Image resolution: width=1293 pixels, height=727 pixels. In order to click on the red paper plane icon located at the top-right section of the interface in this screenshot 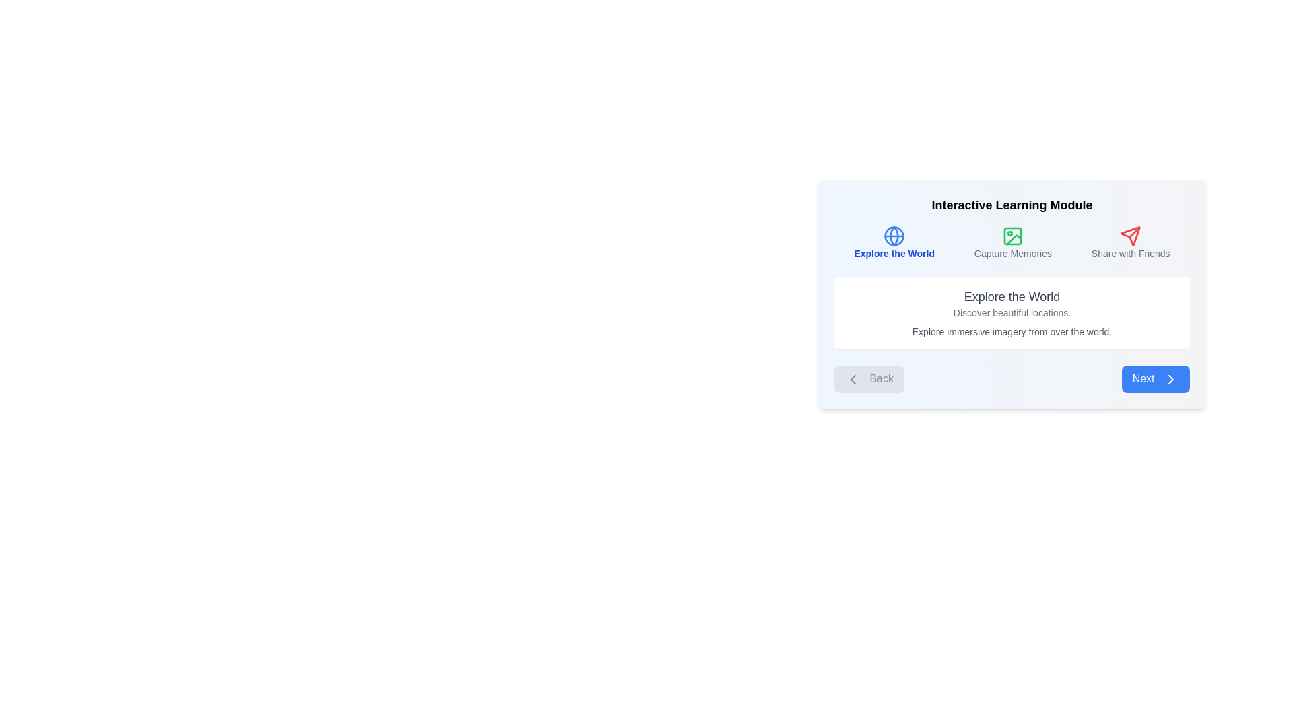, I will do `click(1131, 236)`.